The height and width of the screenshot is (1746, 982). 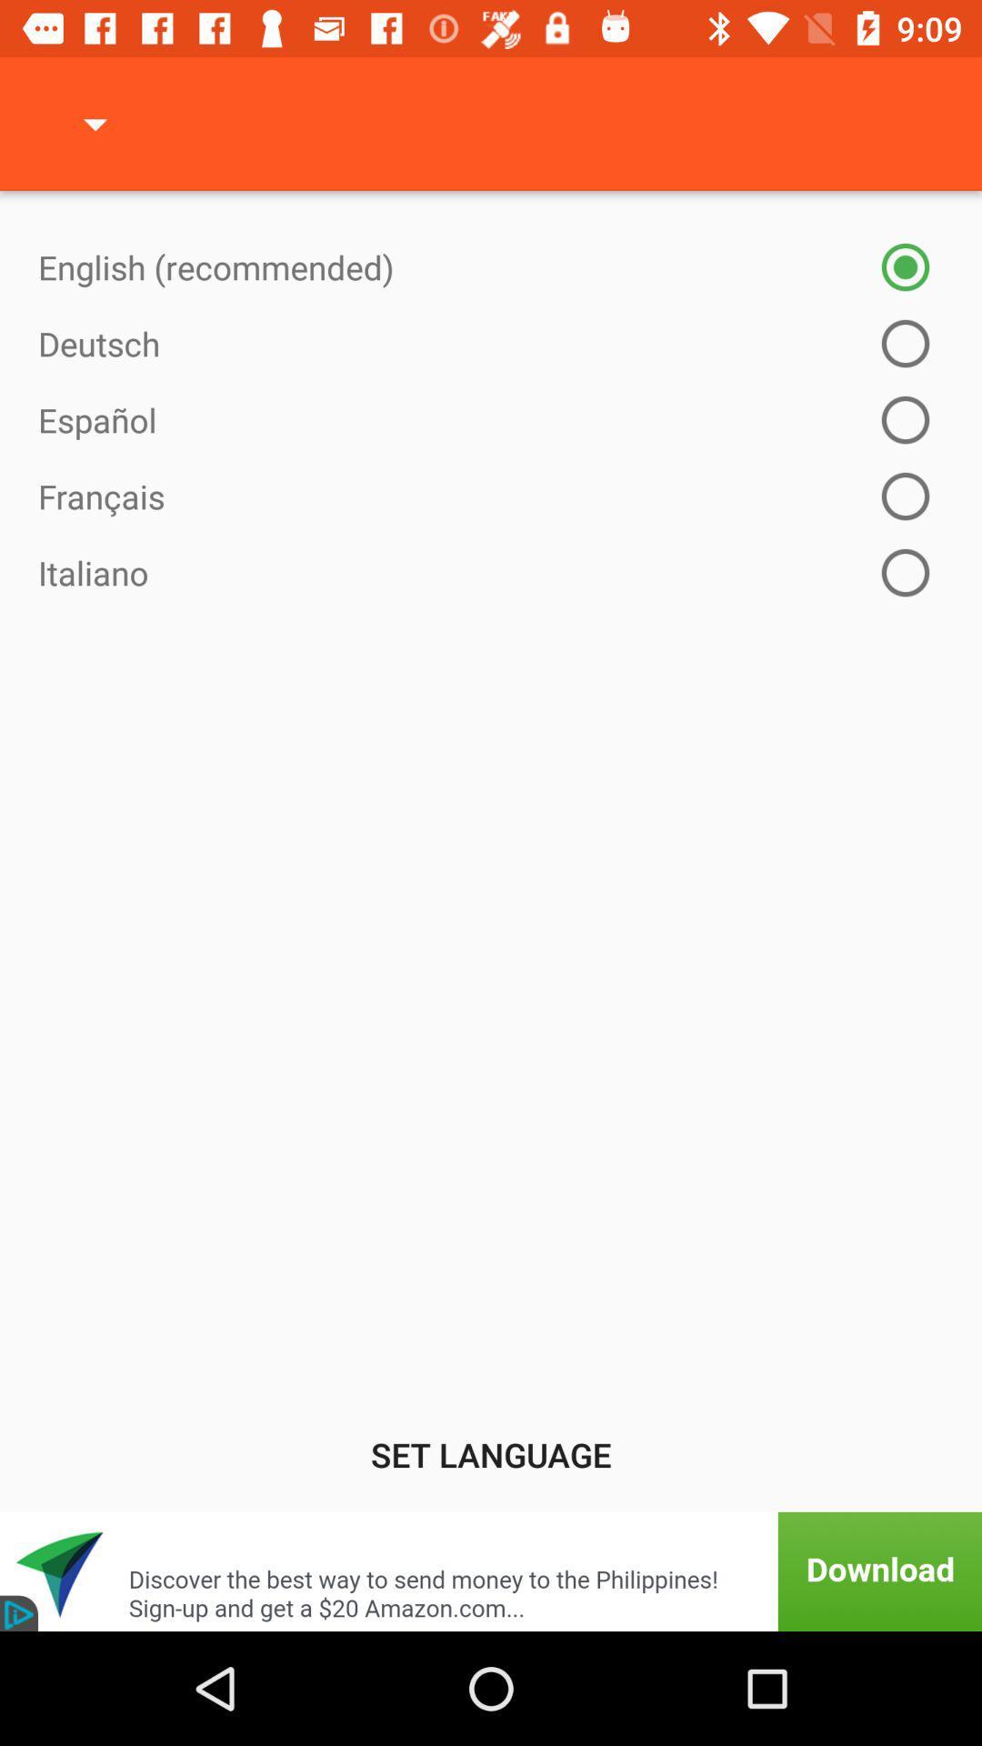 What do you see at coordinates (491, 1570) in the screenshot?
I see `click on advertisement` at bounding box center [491, 1570].